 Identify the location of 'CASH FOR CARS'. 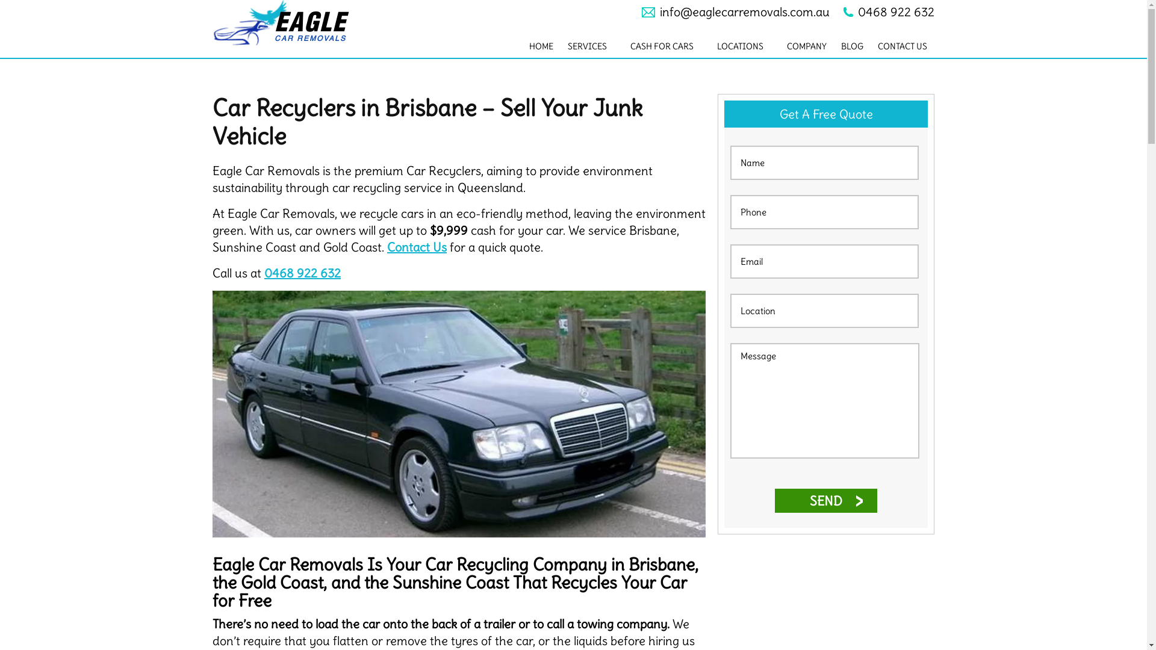
(666, 46).